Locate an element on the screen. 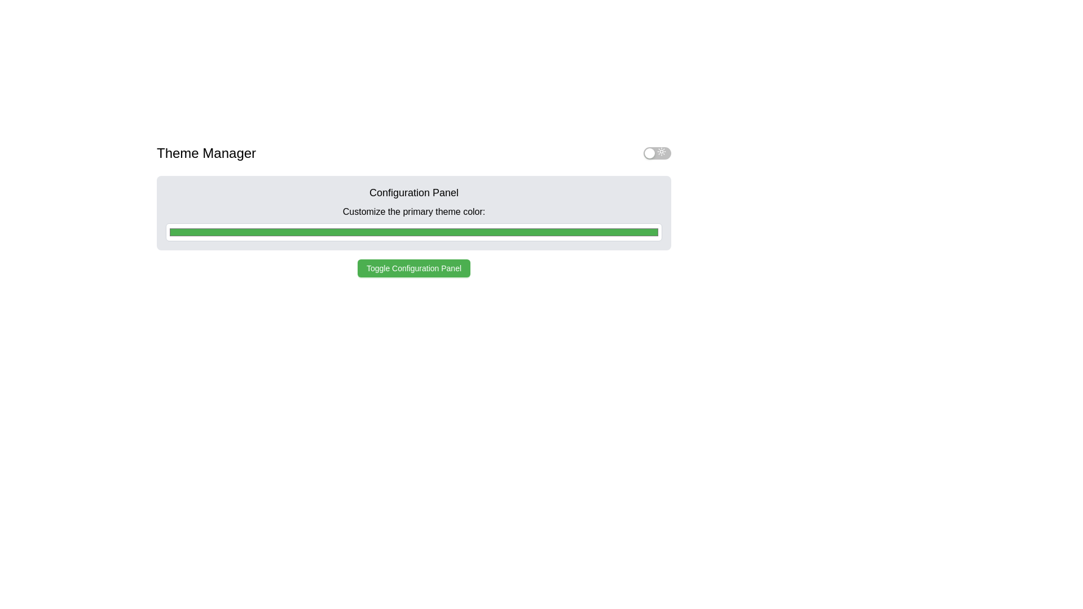 The height and width of the screenshot is (609, 1083). the horizontal color input field, which is styled with a border and padding and displays a green color indicating the selected color is located at coordinates (413, 226).